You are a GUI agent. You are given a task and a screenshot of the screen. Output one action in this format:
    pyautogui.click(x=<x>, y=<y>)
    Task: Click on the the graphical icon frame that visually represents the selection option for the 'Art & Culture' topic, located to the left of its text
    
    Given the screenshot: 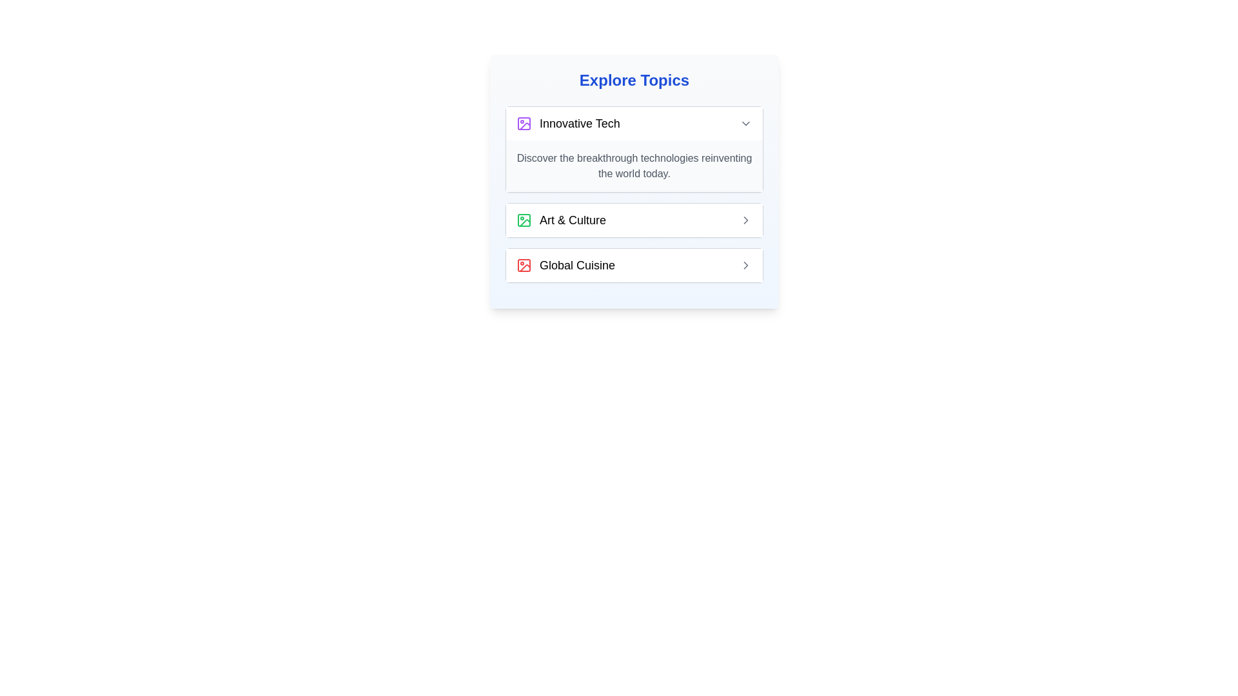 What is the action you would take?
    pyautogui.click(x=524, y=220)
    